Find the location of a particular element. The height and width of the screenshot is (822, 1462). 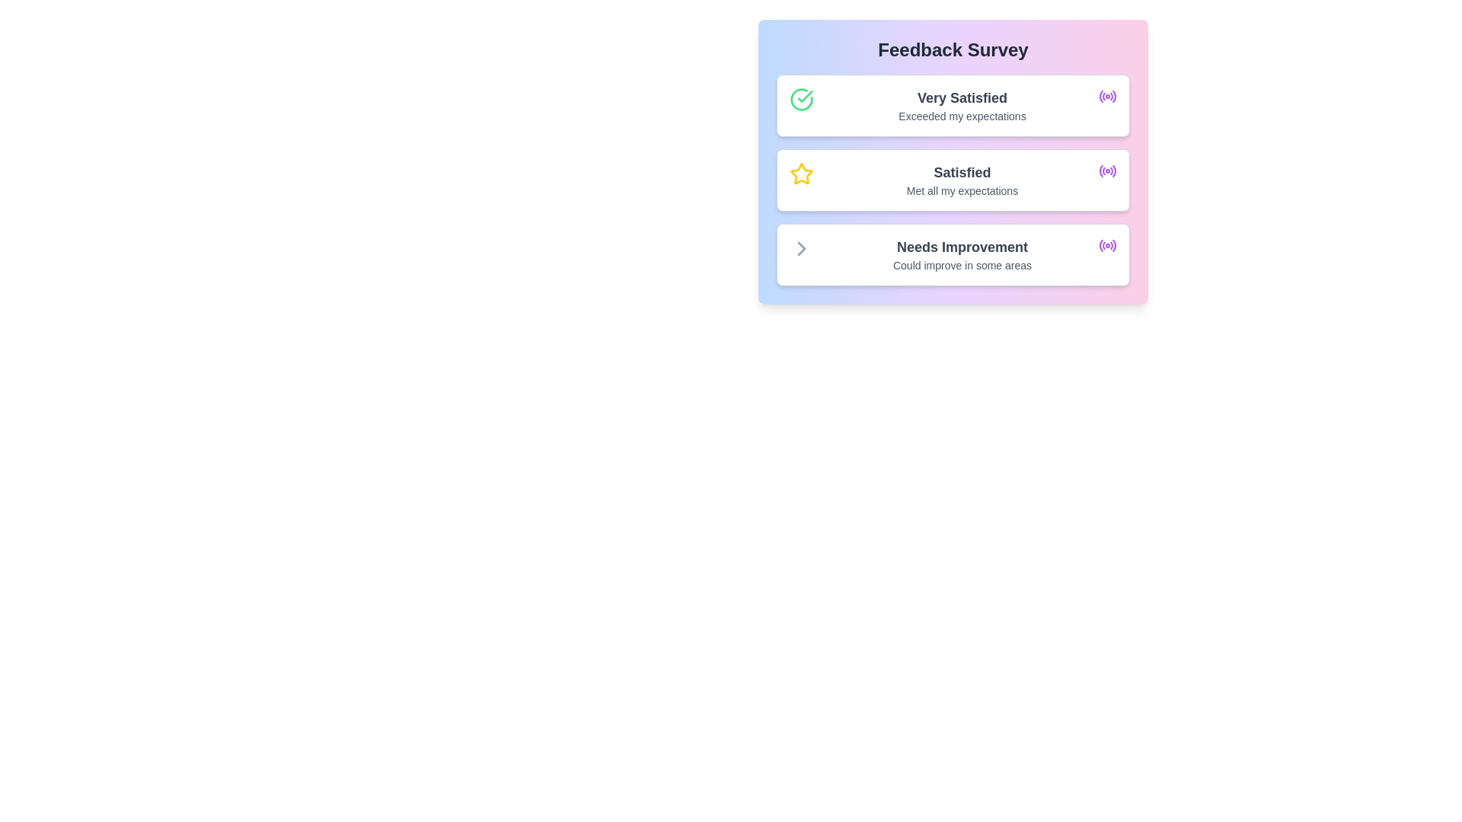

the static text label providing context for the feedback category 'Satisfied', which is positioned beneath the label 'Satisfied' in the feedback rating section is located at coordinates (961, 190).